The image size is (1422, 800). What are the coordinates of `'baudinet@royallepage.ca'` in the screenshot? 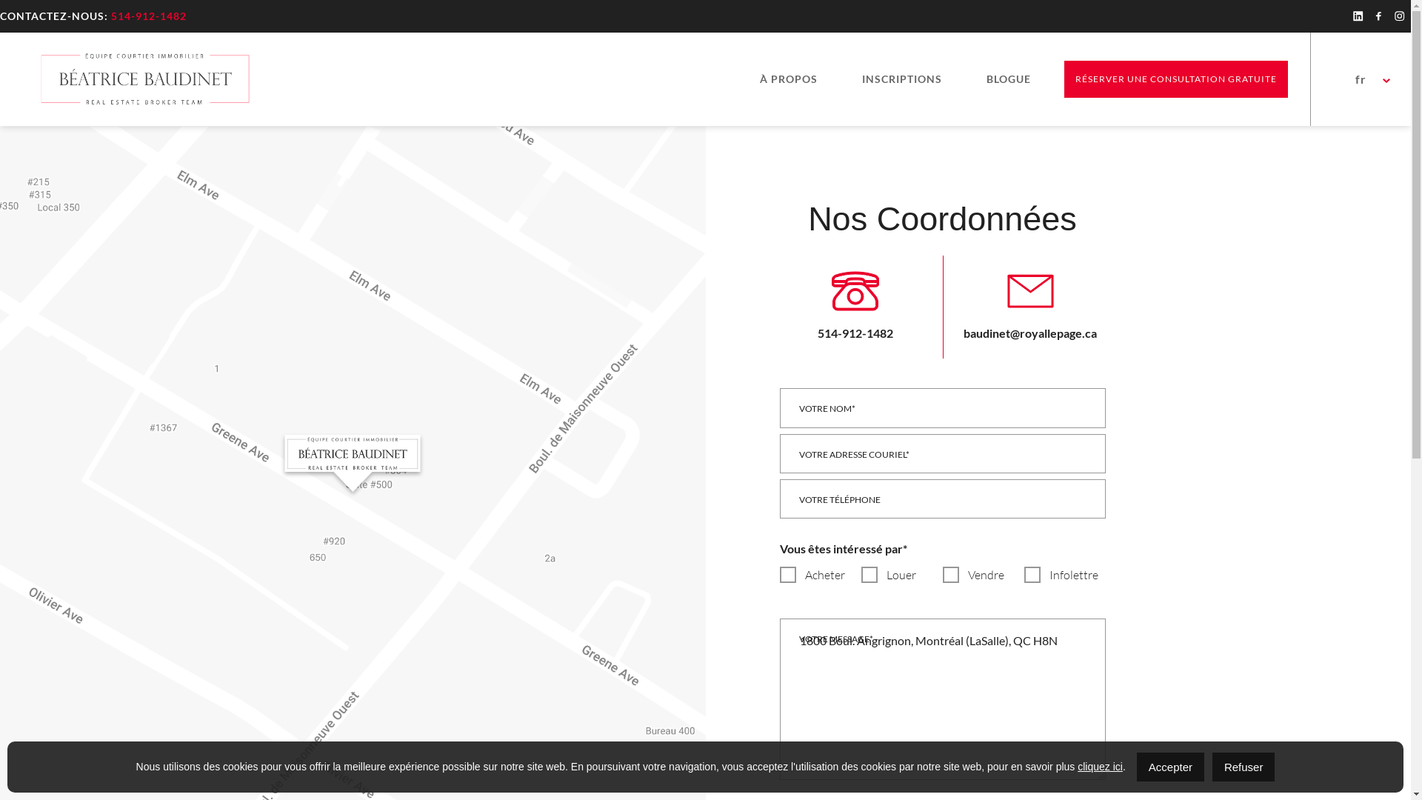 It's located at (1029, 303).